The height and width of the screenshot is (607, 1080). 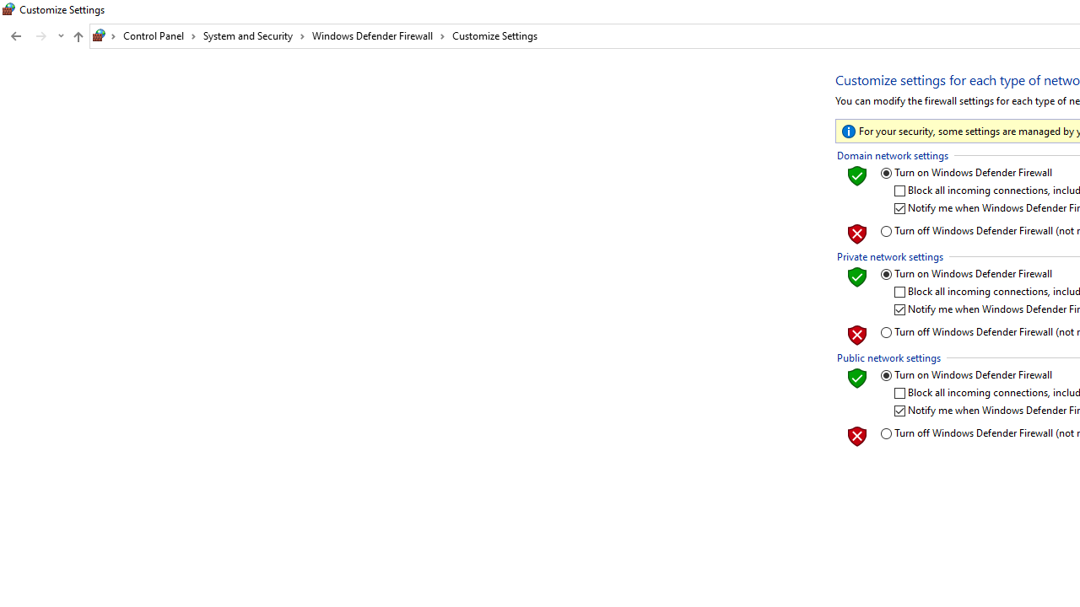 What do you see at coordinates (16, 36) in the screenshot?
I see `'Back to Windows Defender Firewall (Alt + Left Arrow)'` at bounding box center [16, 36].